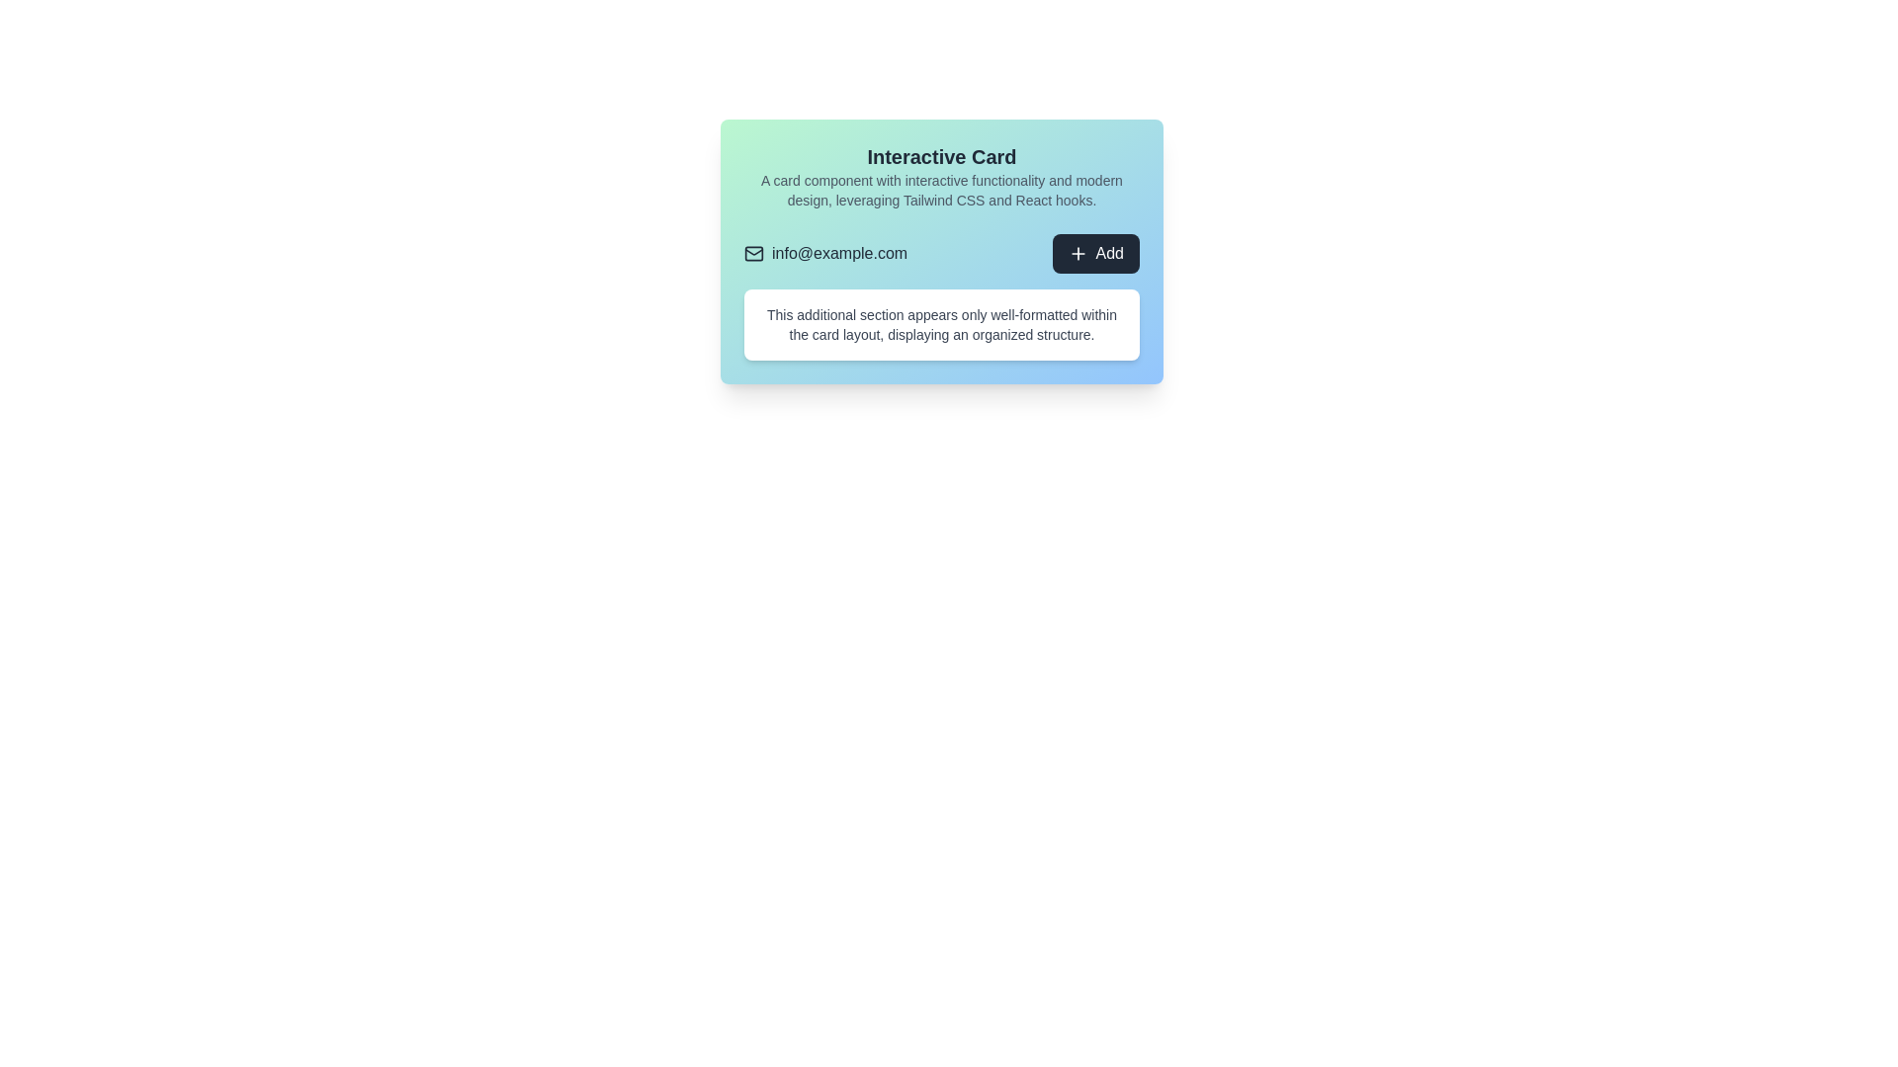  I want to click on the rectangular part of the mail icon located to the left of 'info@example.com', so click(753, 251).